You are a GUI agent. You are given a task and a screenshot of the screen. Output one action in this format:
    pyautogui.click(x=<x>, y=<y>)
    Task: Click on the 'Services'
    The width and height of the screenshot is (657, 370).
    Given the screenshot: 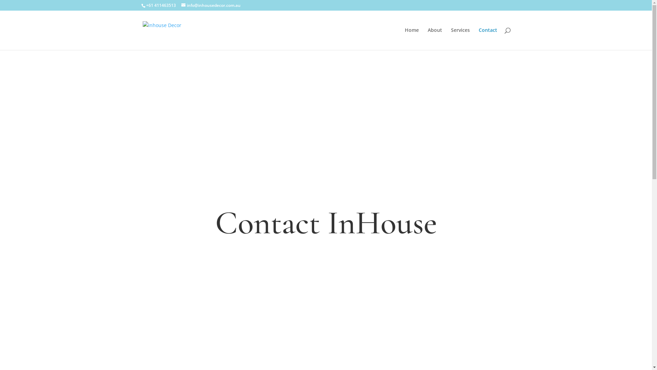 What is the action you would take?
    pyautogui.click(x=451, y=39)
    